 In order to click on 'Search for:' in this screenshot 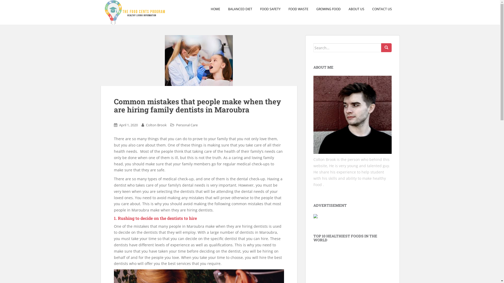, I will do `click(313, 47)`.